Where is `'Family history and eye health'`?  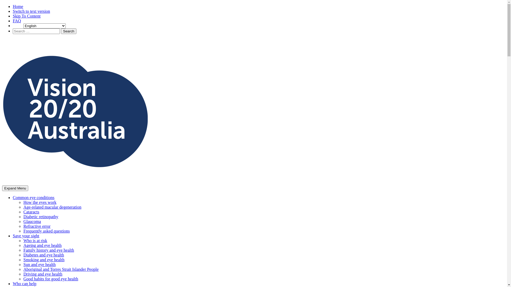
'Family history and eye health' is located at coordinates (48, 250).